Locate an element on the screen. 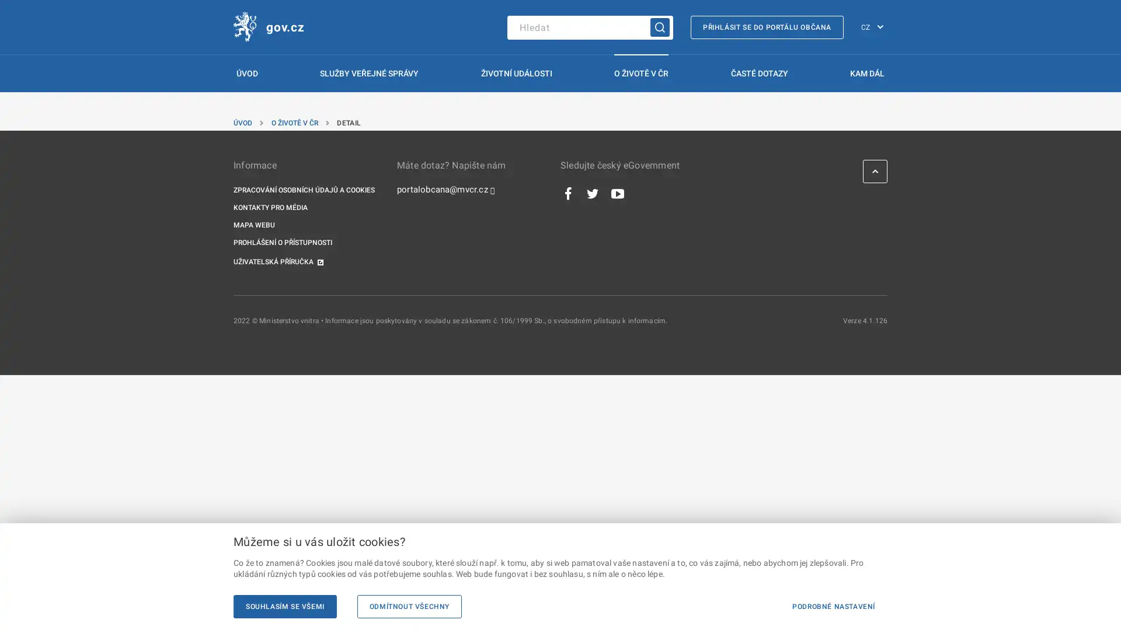 The image size is (1121, 630). PODROBNE NASTAVENI is located at coordinates (833, 606).